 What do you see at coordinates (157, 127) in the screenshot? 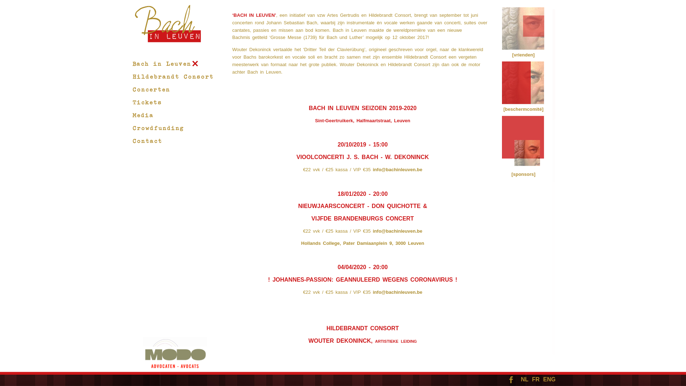
I see `'Crowdfunding'` at bounding box center [157, 127].